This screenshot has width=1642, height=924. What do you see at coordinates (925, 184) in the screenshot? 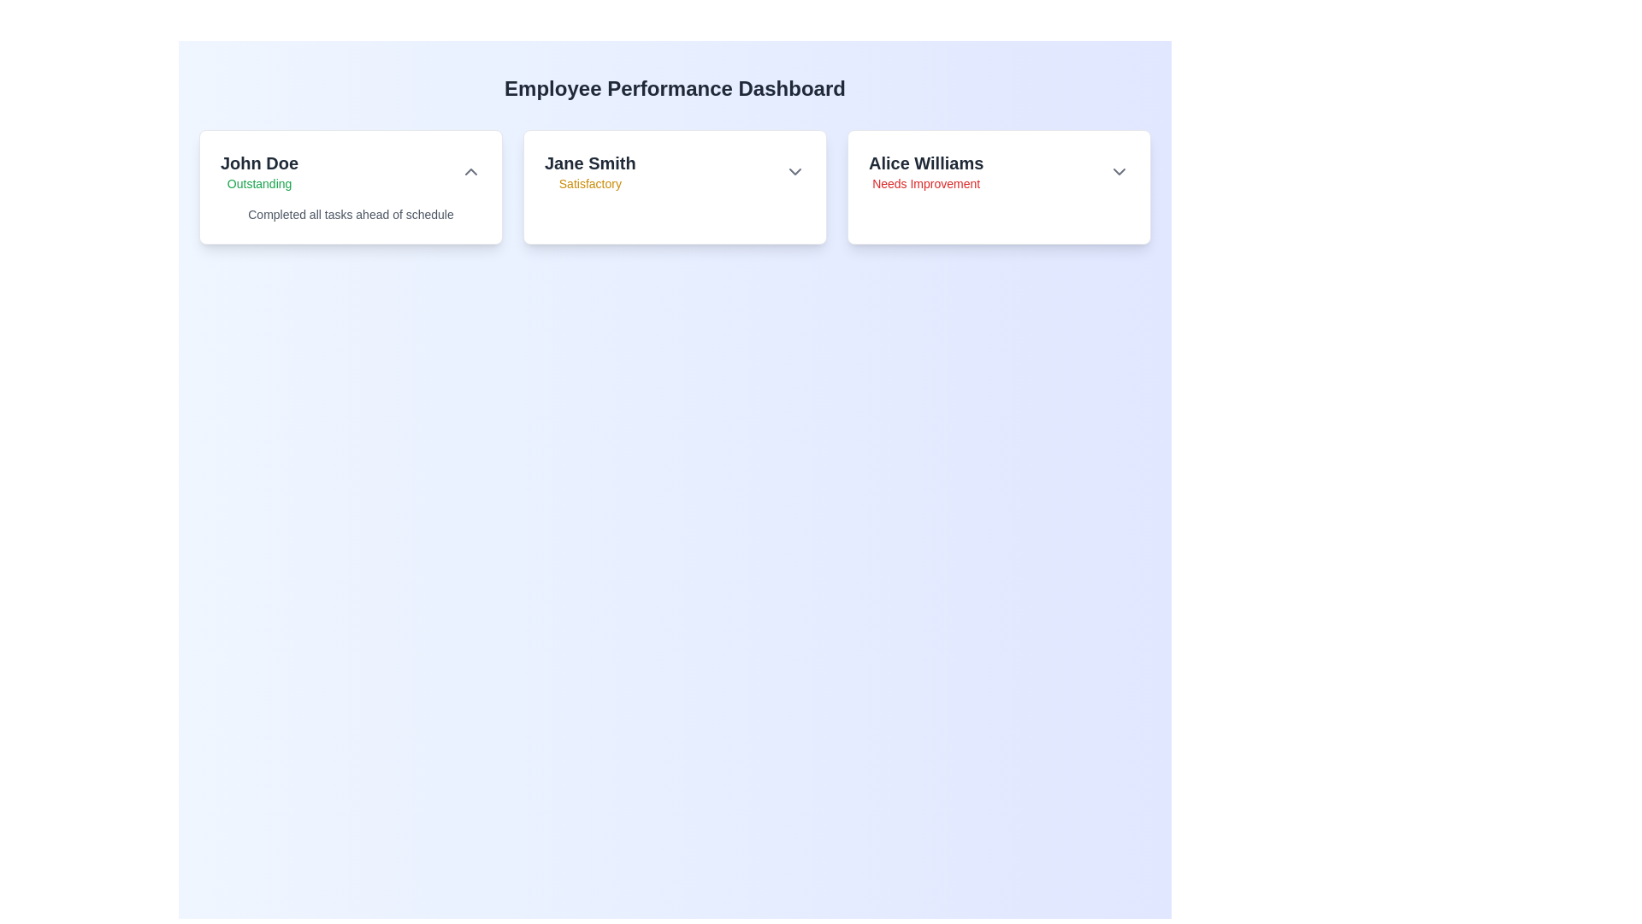
I see `the performance status text label indicating the evaluation of 'Alice Williams', located directly below the name in the right-most performance card on the dashboard` at bounding box center [925, 184].